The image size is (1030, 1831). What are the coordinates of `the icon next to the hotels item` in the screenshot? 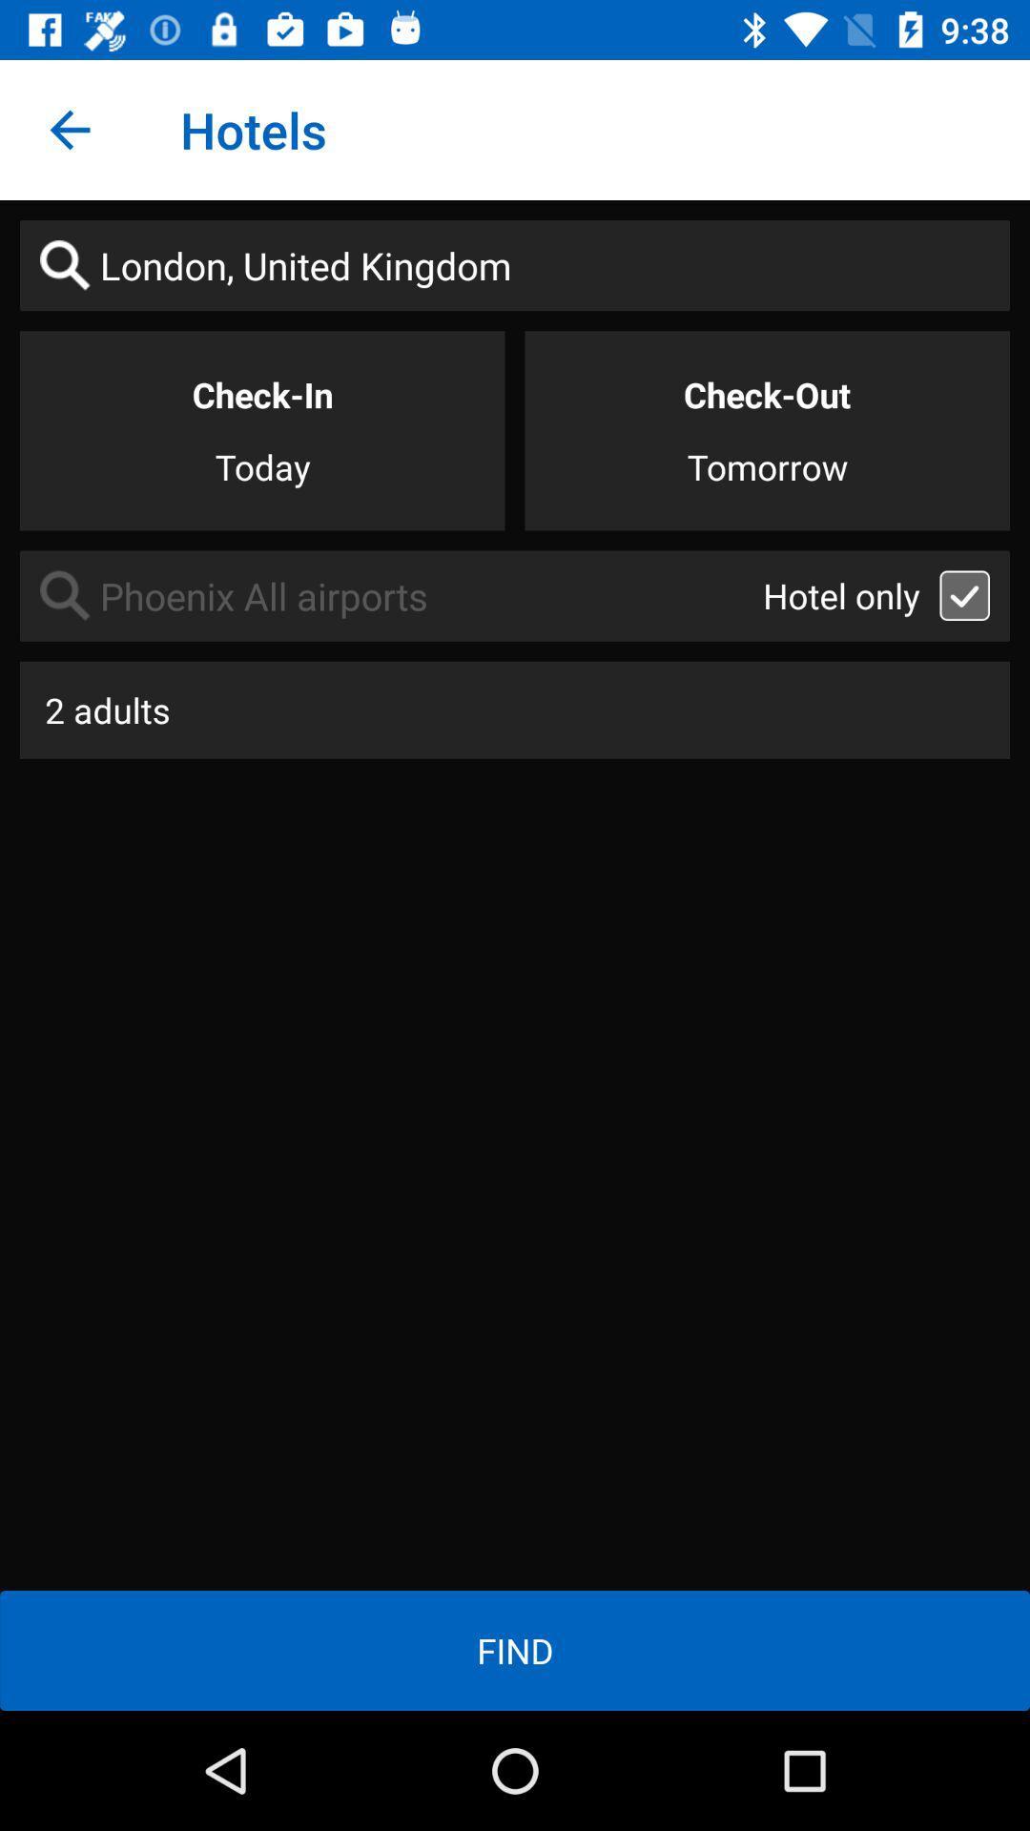 It's located at (69, 129).